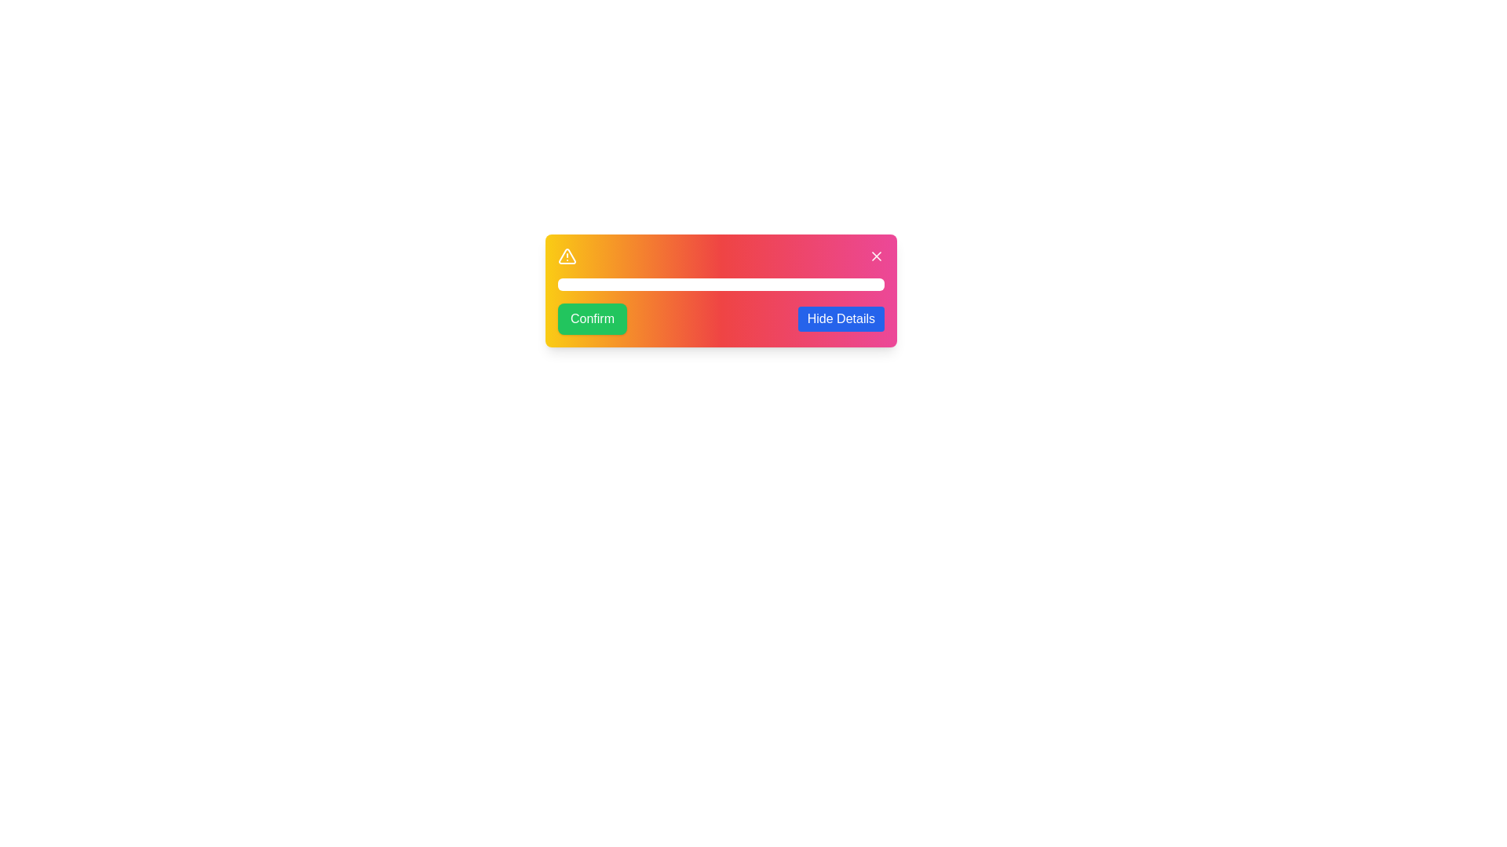 This screenshot has width=1507, height=847. What do you see at coordinates (876, 256) in the screenshot?
I see `the close icon (SVG 'x') located at the top-right corner of the gradient-colored rectangular bar` at bounding box center [876, 256].